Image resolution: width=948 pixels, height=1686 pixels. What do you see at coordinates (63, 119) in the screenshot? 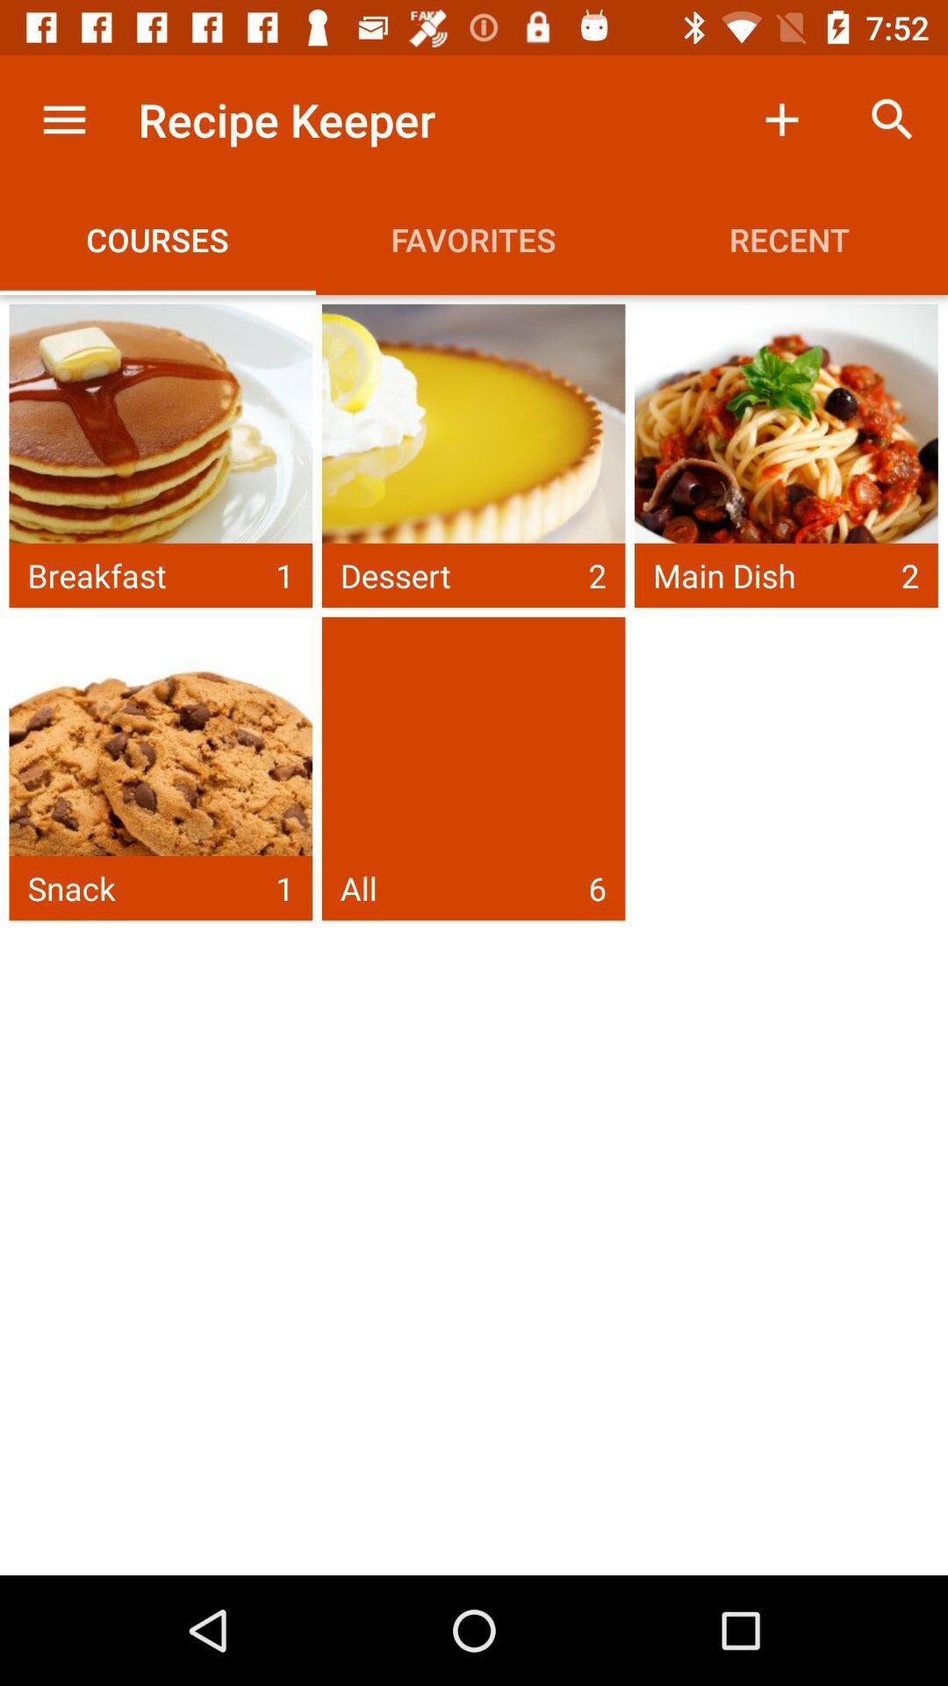
I see `item above the courses` at bounding box center [63, 119].